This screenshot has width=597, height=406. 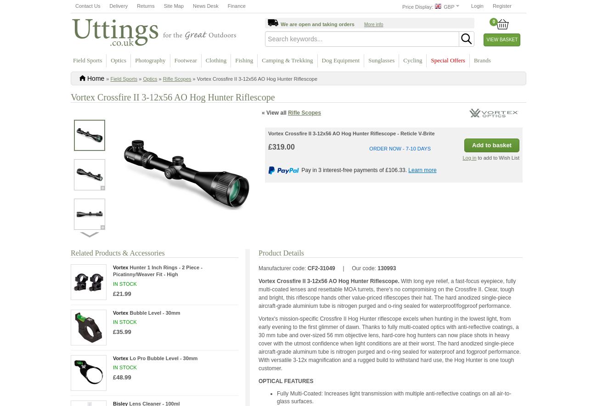 What do you see at coordinates (281, 252) in the screenshot?
I see `'Product Details'` at bounding box center [281, 252].